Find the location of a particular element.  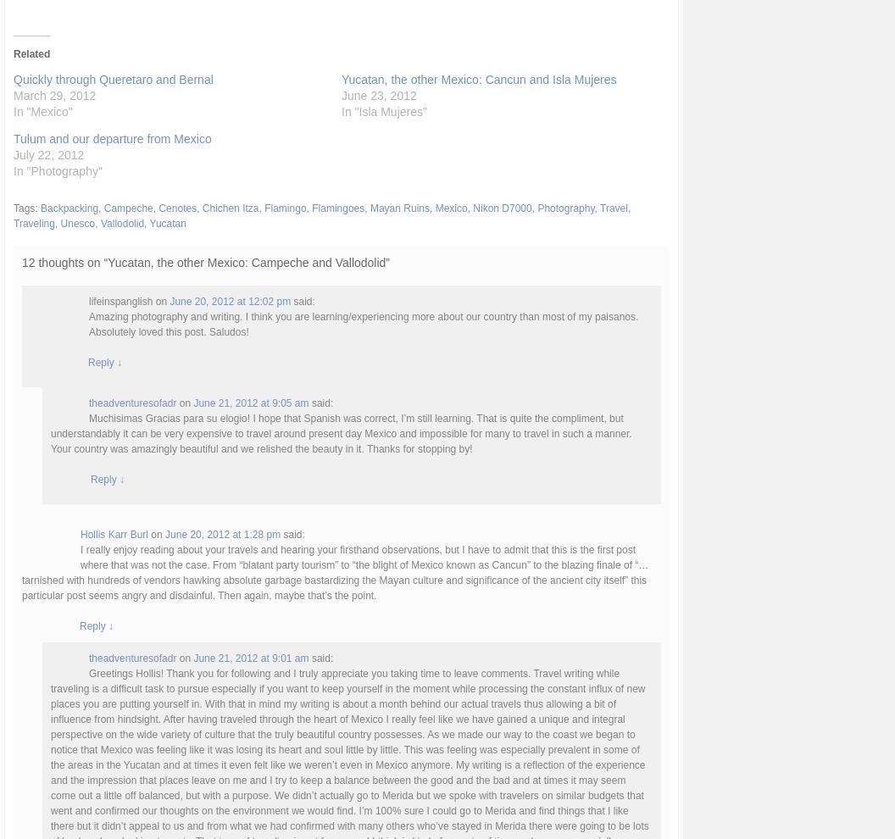

'lifeinspanglish' is located at coordinates (120, 301).